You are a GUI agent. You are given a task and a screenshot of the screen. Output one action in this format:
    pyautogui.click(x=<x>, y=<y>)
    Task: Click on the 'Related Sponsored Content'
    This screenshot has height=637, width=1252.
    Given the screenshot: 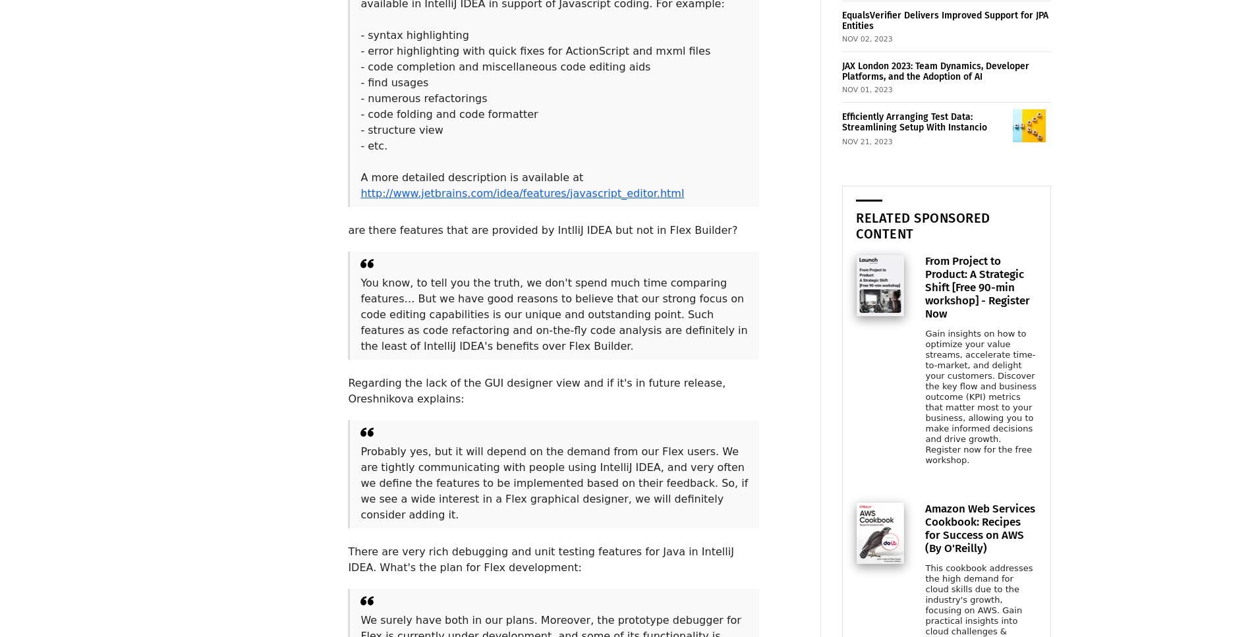 What is the action you would take?
    pyautogui.click(x=855, y=225)
    